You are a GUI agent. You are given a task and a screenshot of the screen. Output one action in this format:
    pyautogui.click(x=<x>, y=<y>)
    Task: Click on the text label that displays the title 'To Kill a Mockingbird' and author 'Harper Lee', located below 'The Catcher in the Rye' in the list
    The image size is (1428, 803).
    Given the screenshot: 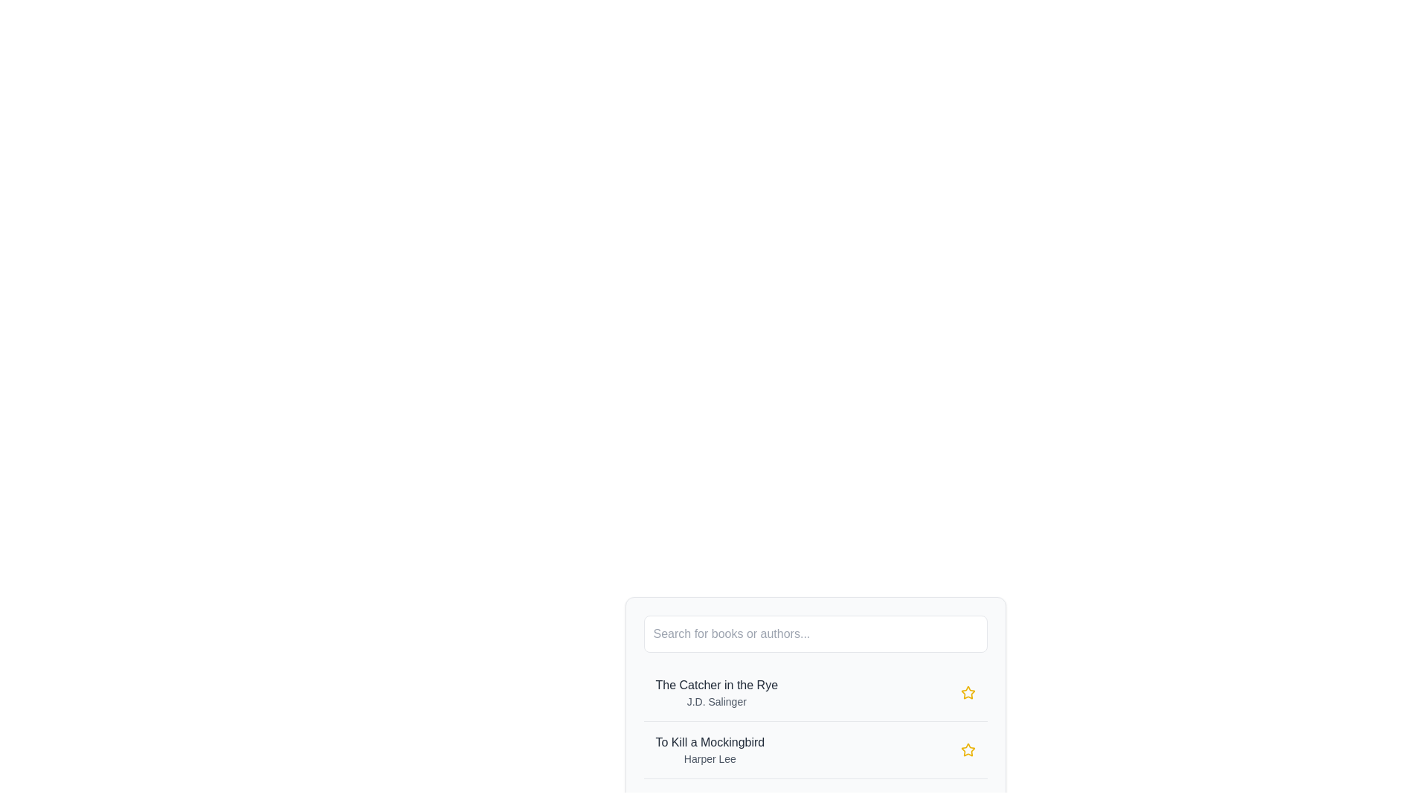 What is the action you would take?
    pyautogui.click(x=709, y=750)
    